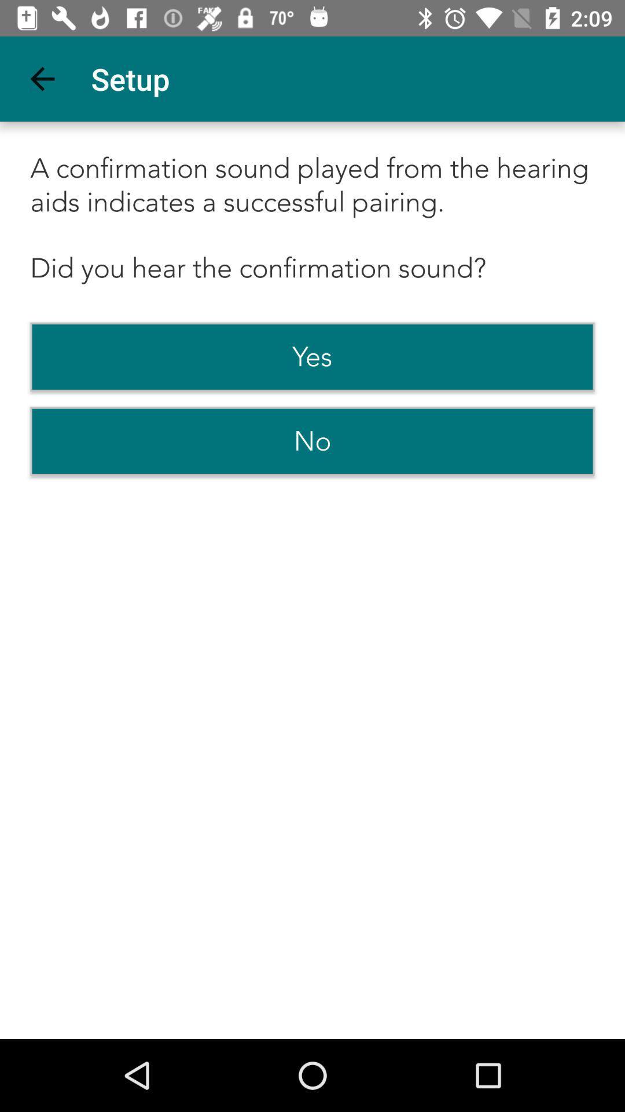 Image resolution: width=625 pixels, height=1112 pixels. Describe the element at coordinates (312, 441) in the screenshot. I see `no item` at that location.